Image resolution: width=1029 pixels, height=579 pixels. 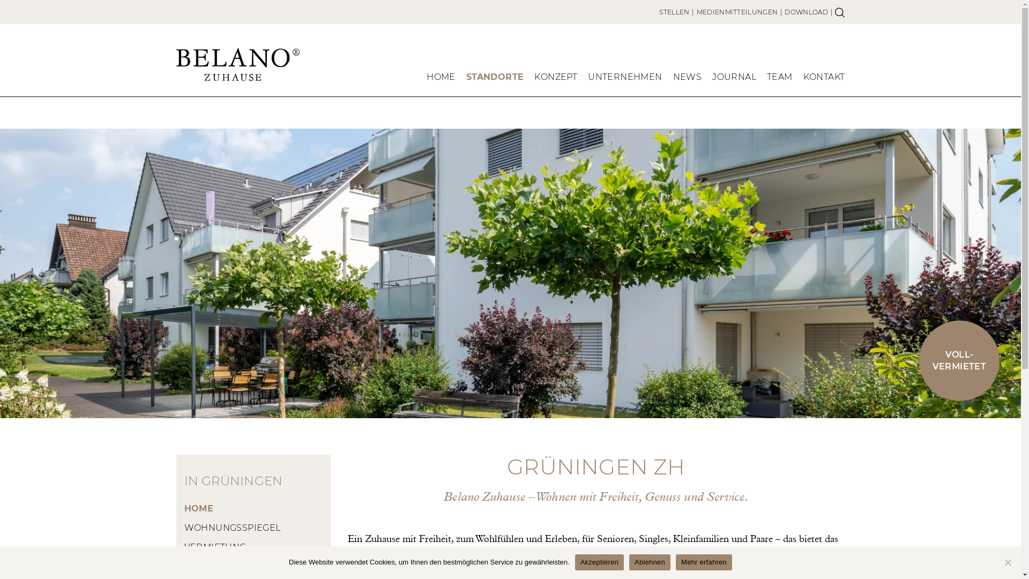 What do you see at coordinates (599, 562) in the screenshot?
I see `'Akzeptieren'` at bounding box center [599, 562].